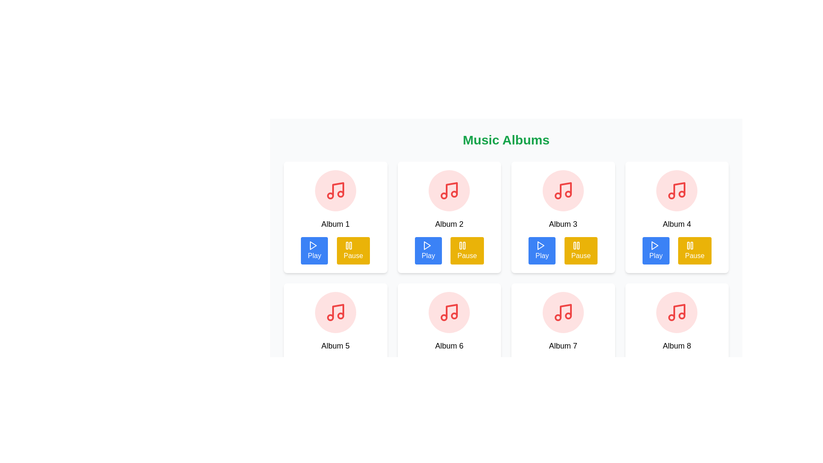  Describe the element at coordinates (679, 189) in the screenshot. I see `the vertical stem of the music note icon located at the center-top of the 'Album 4' card` at that location.